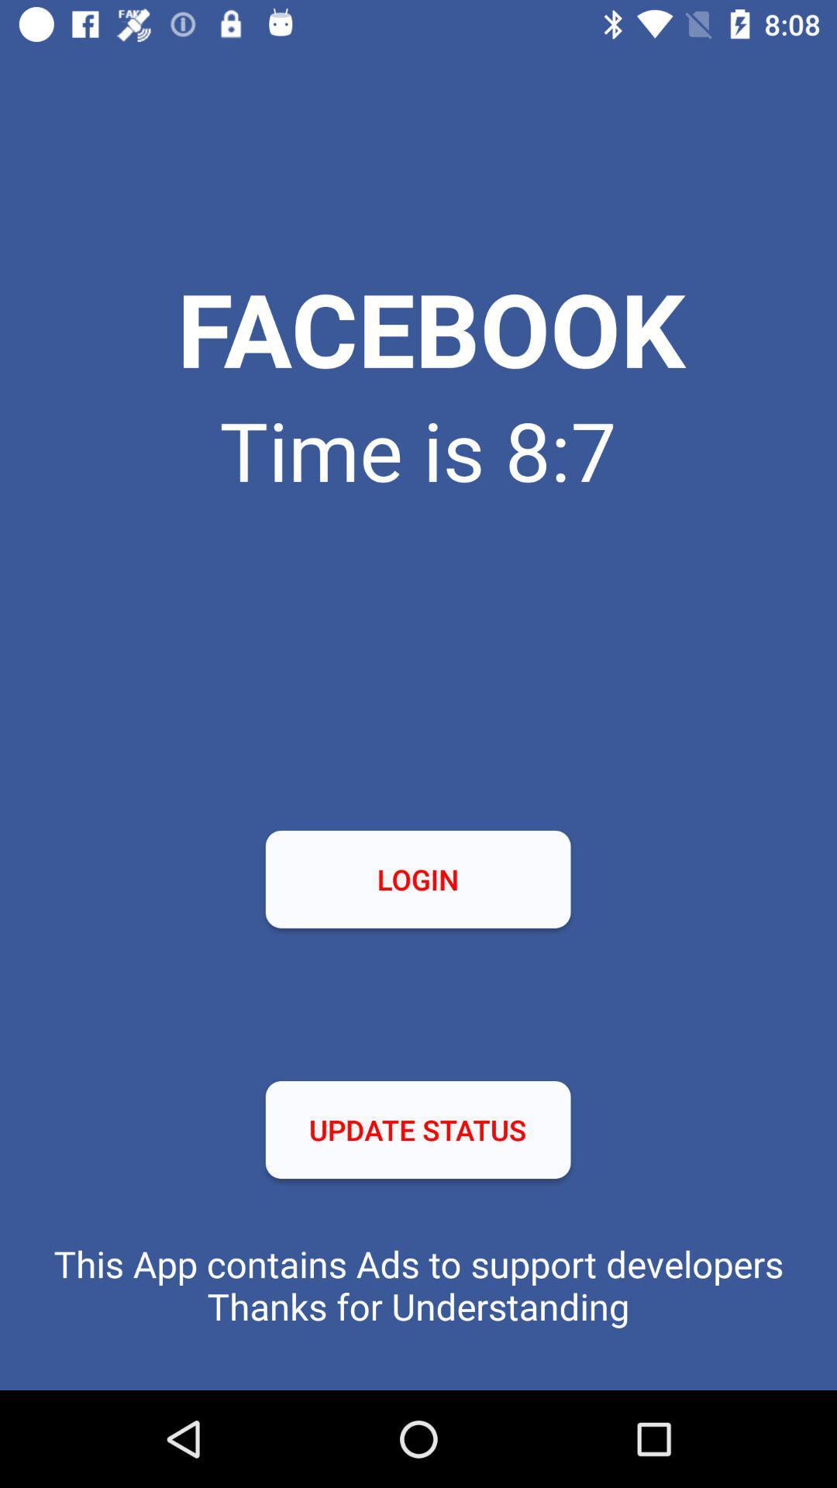 This screenshot has width=837, height=1488. I want to click on the item below the login button, so click(417, 1130).